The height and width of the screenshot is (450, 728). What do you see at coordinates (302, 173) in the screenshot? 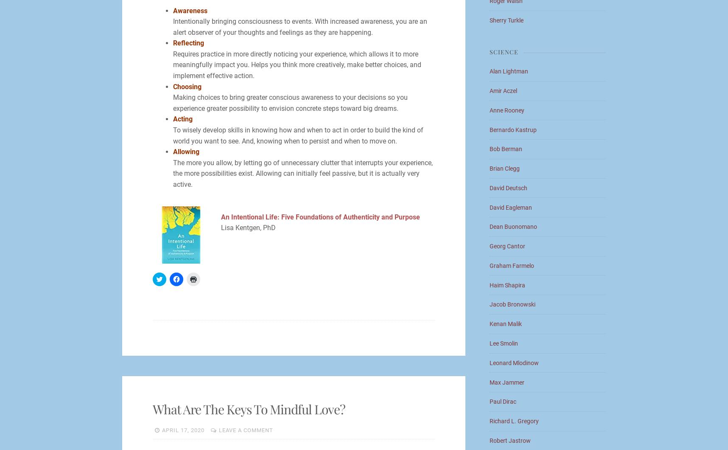
I see `'The more you allow, by letting go of unnecessary clutter that interrupts your experience, the more possibilities exist. Allowing can initially feel passive, but it is actually very active.'` at bounding box center [302, 173].